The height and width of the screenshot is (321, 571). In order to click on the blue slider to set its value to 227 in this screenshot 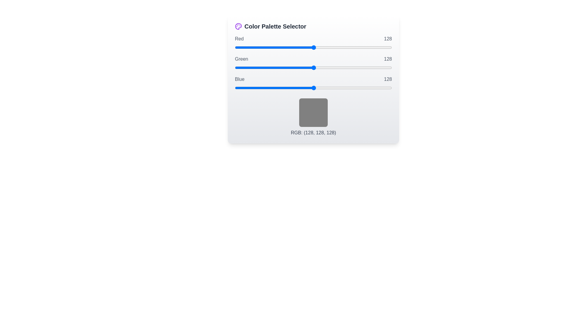, I will do `click(374, 88)`.